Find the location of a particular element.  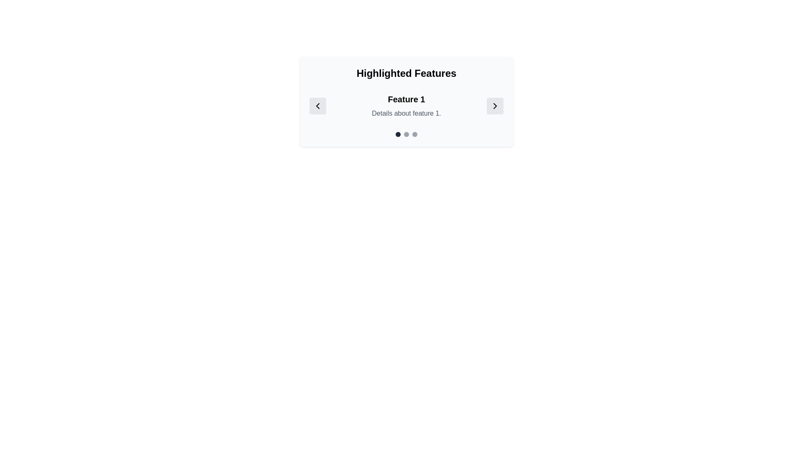

the navigation button located on the left side of the content pane titled 'Highlighted Features', aligned with the 'Feature 1' description block is located at coordinates (317, 106).